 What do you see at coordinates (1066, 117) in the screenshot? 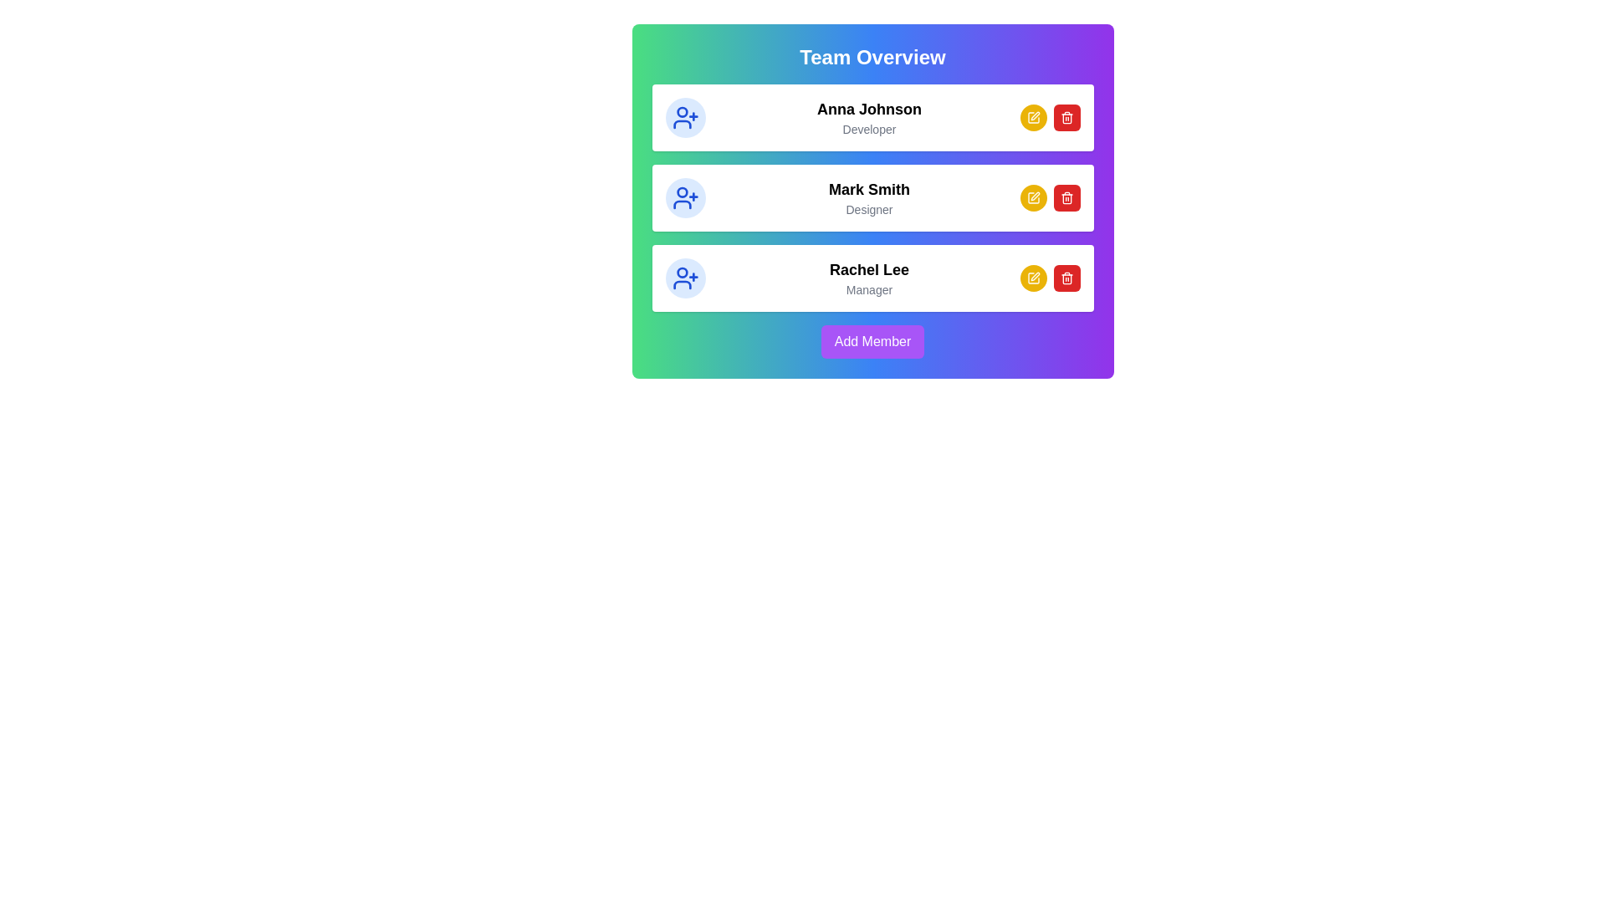
I see `the delete button for the user 'Anna Johnson' located at the rightmost position in the user management interface` at bounding box center [1066, 117].